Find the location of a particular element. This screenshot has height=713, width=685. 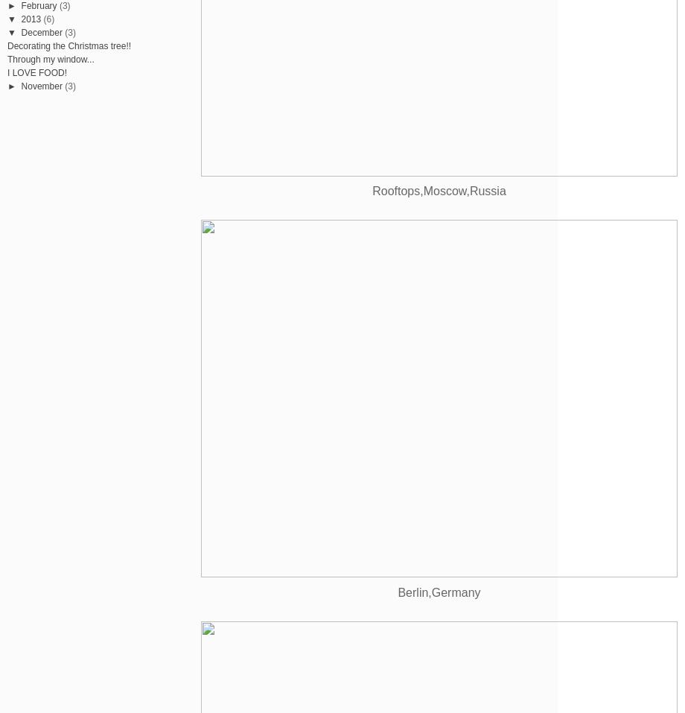

'(6)' is located at coordinates (48, 17).